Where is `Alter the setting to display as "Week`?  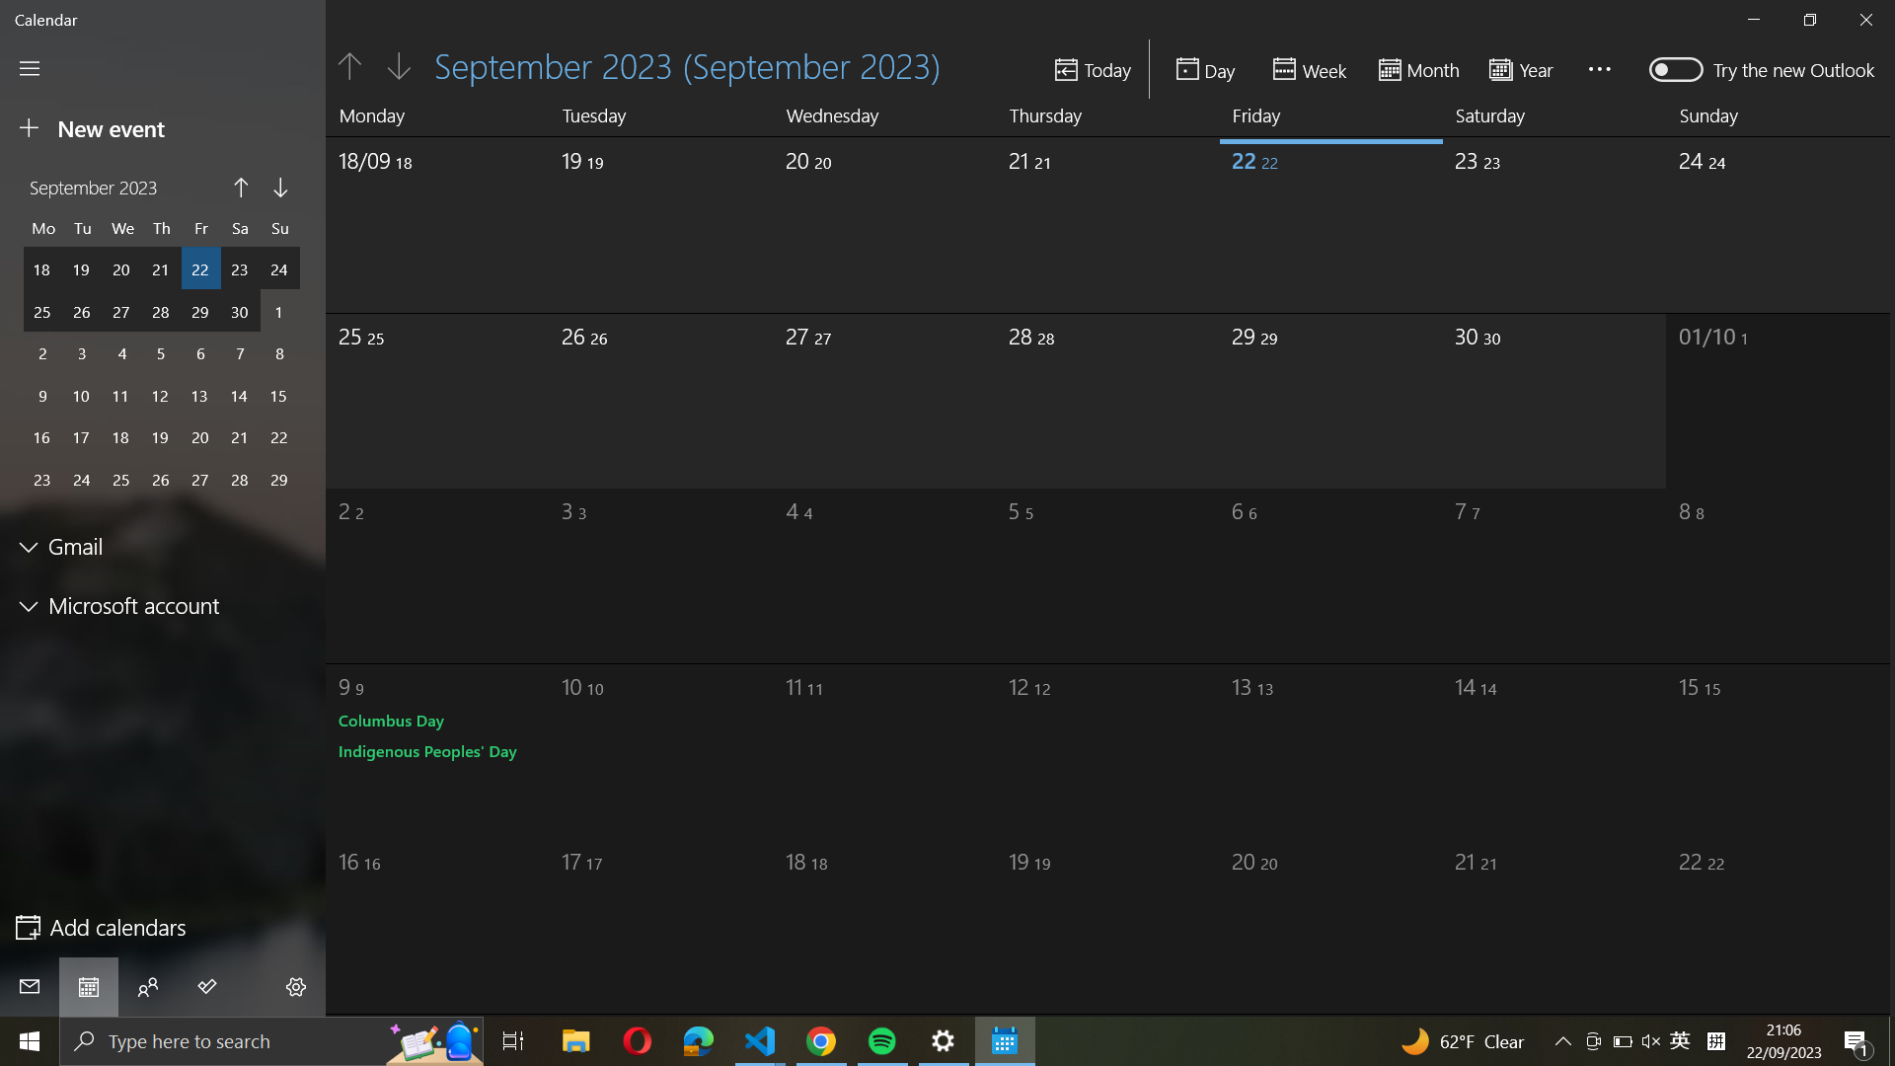 Alter the setting to display as "Week is located at coordinates (1312, 67).